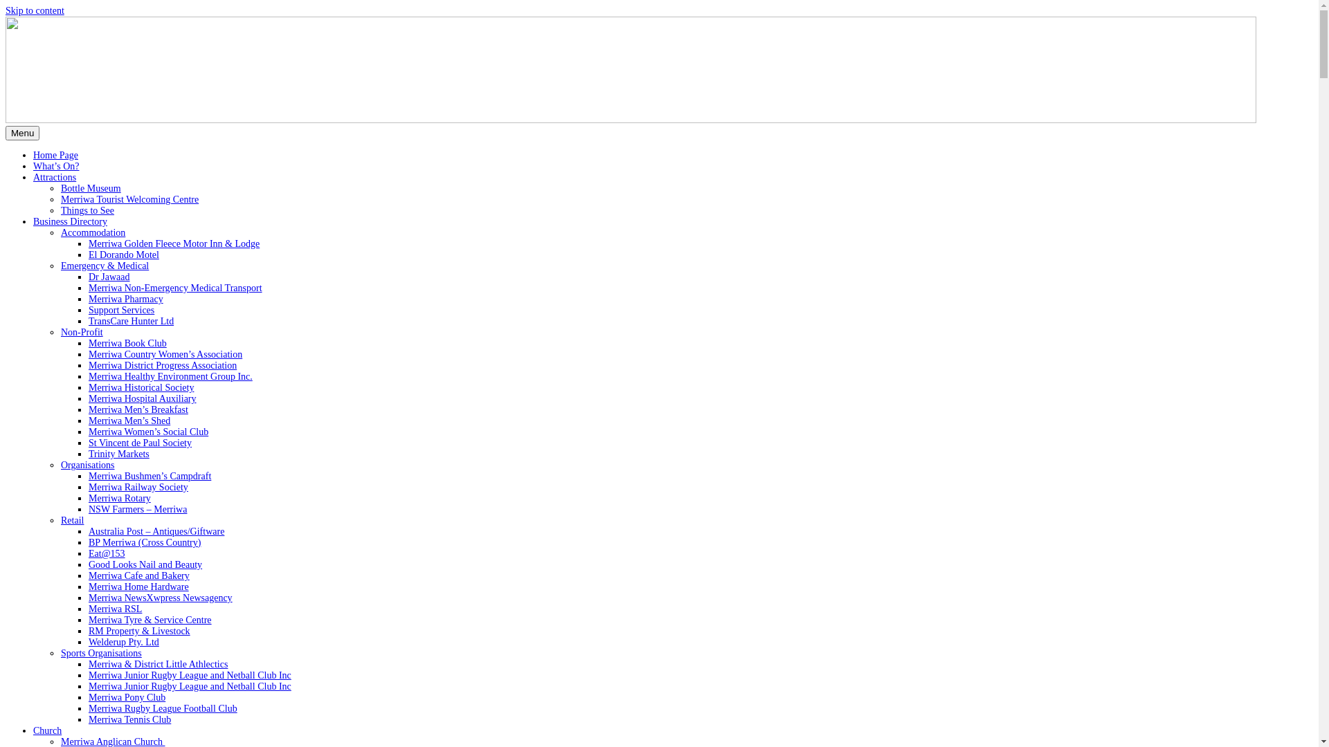 The width and height of the screenshot is (1329, 747). What do you see at coordinates (69, 221) in the screenshot?
I see `'Business Directory'` at bounding box center [69, 221].